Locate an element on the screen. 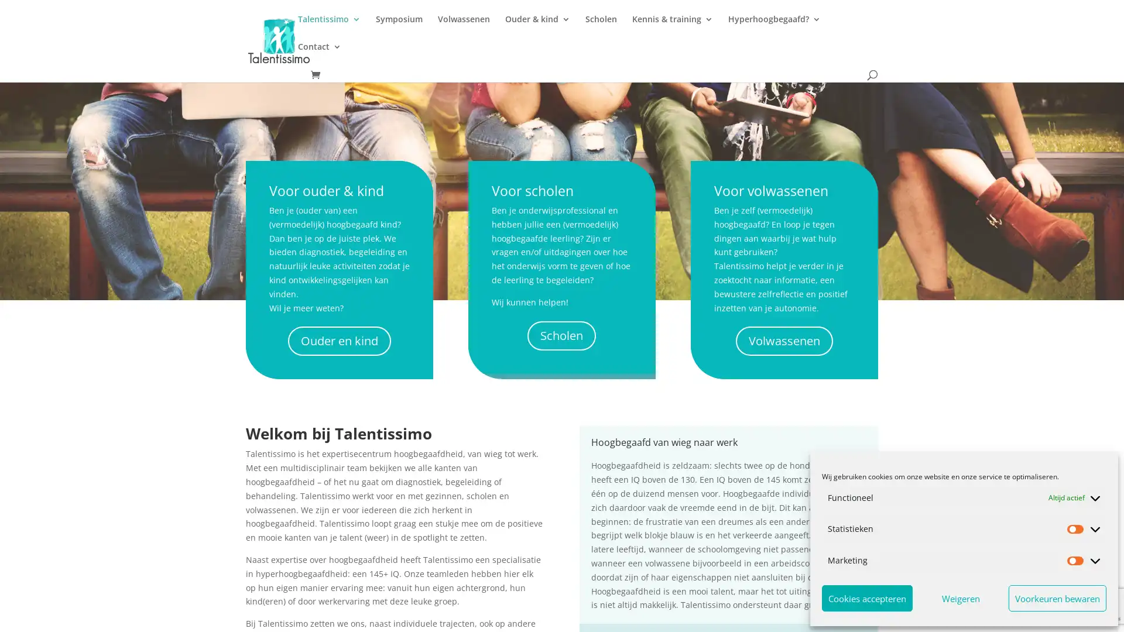  Weigeren is located at coordinates (961, 598).